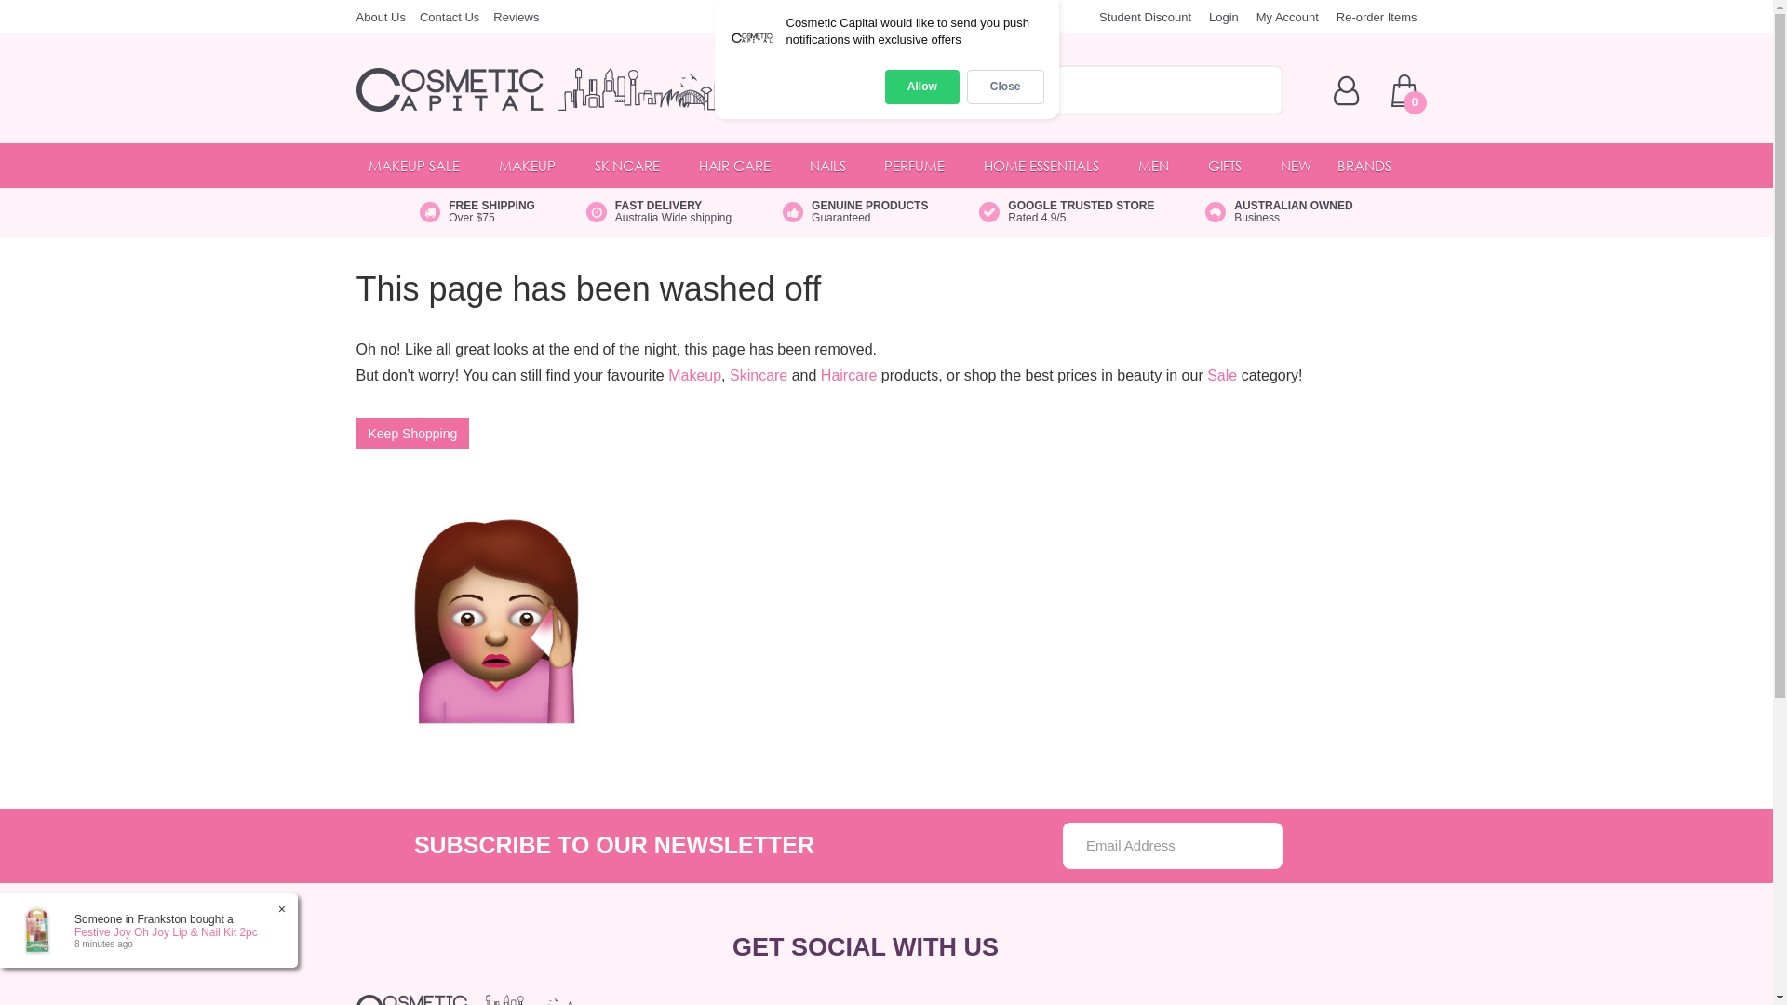 The width and height of the screenshot is (1787, 1005). I want to click on 'GIFTS', so click(1231, 164).